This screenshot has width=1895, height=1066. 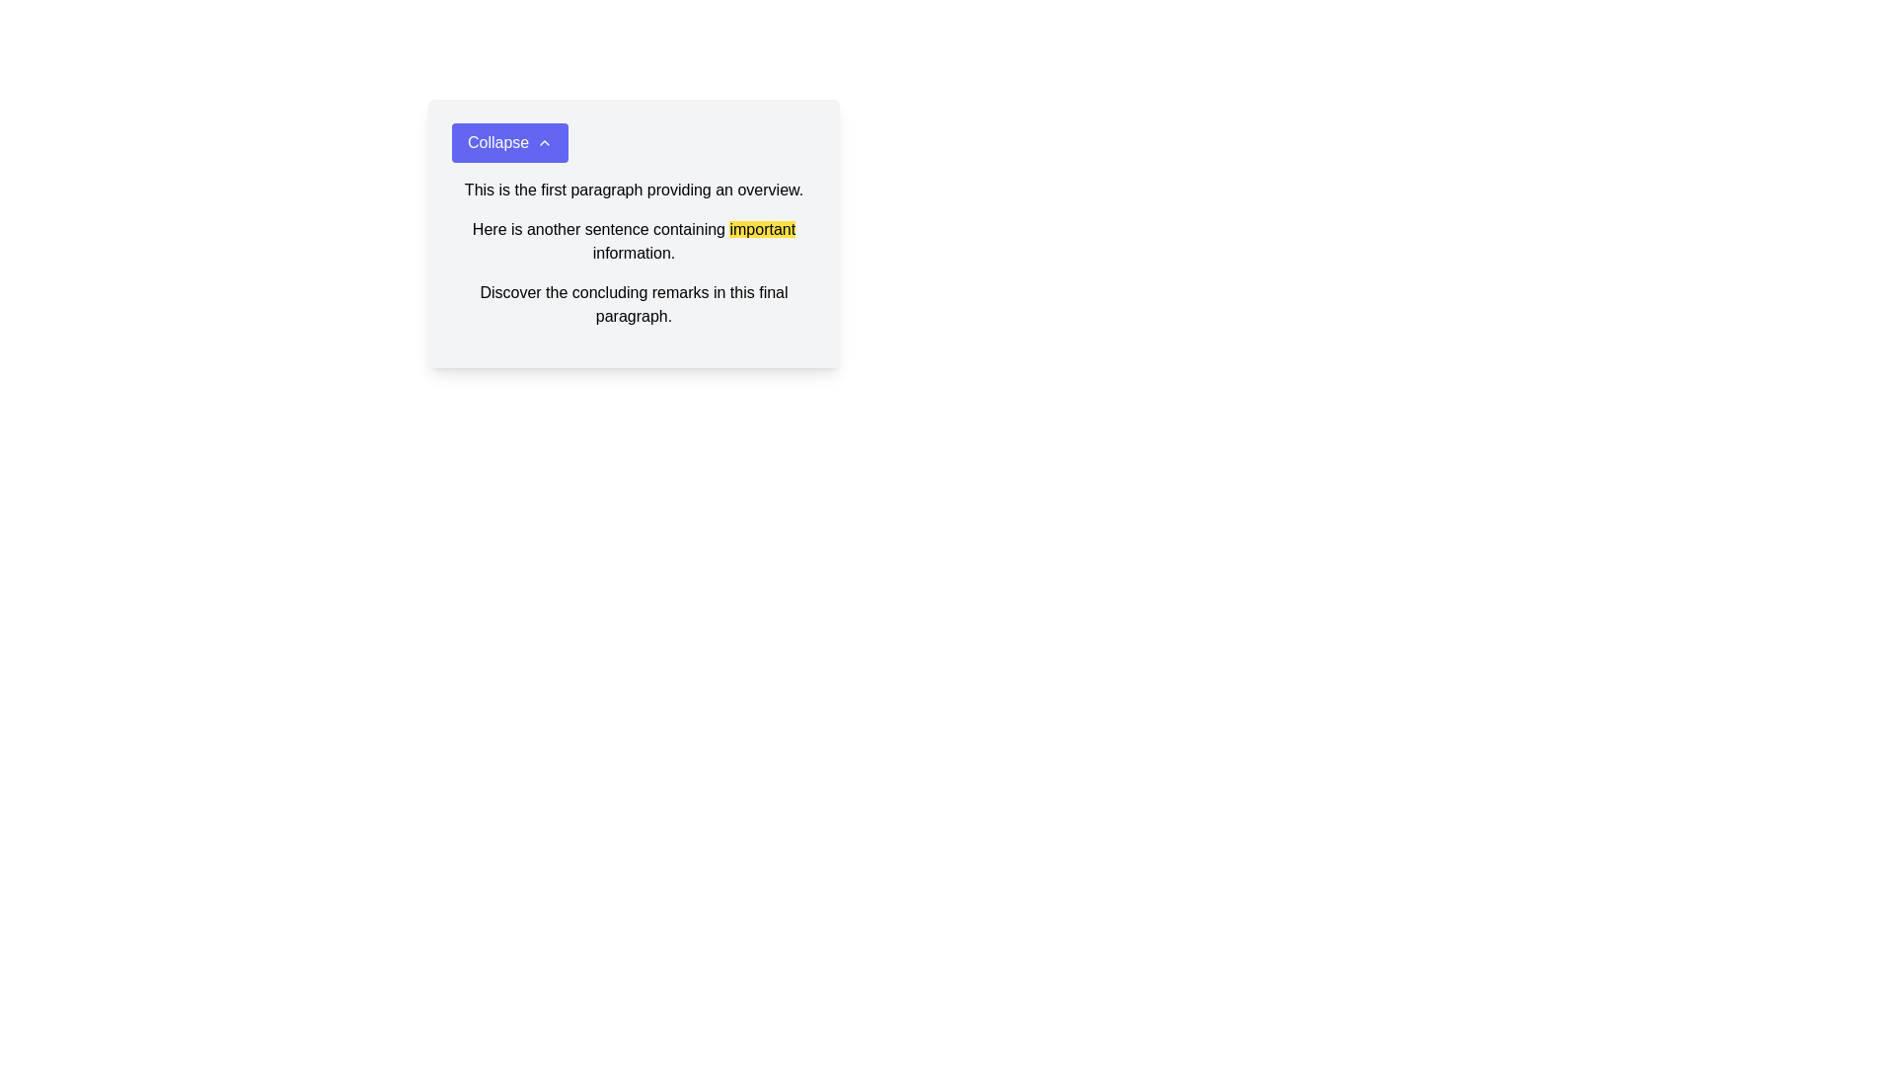 What do you see at coordinates (545, 142) in the screenshot?
I see `the chevron icon next to the 'Collapse' button` at bounding box center [545, 142].